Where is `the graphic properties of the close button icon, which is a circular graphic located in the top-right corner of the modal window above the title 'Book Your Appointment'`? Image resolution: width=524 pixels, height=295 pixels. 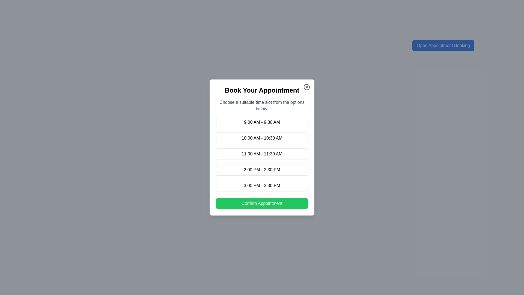 the graphic properties of the close button icon, which is a circular graphic located in the top-right corner of the modal window above the title 'Book Your Appointment' is located at coordinates (306, 87).